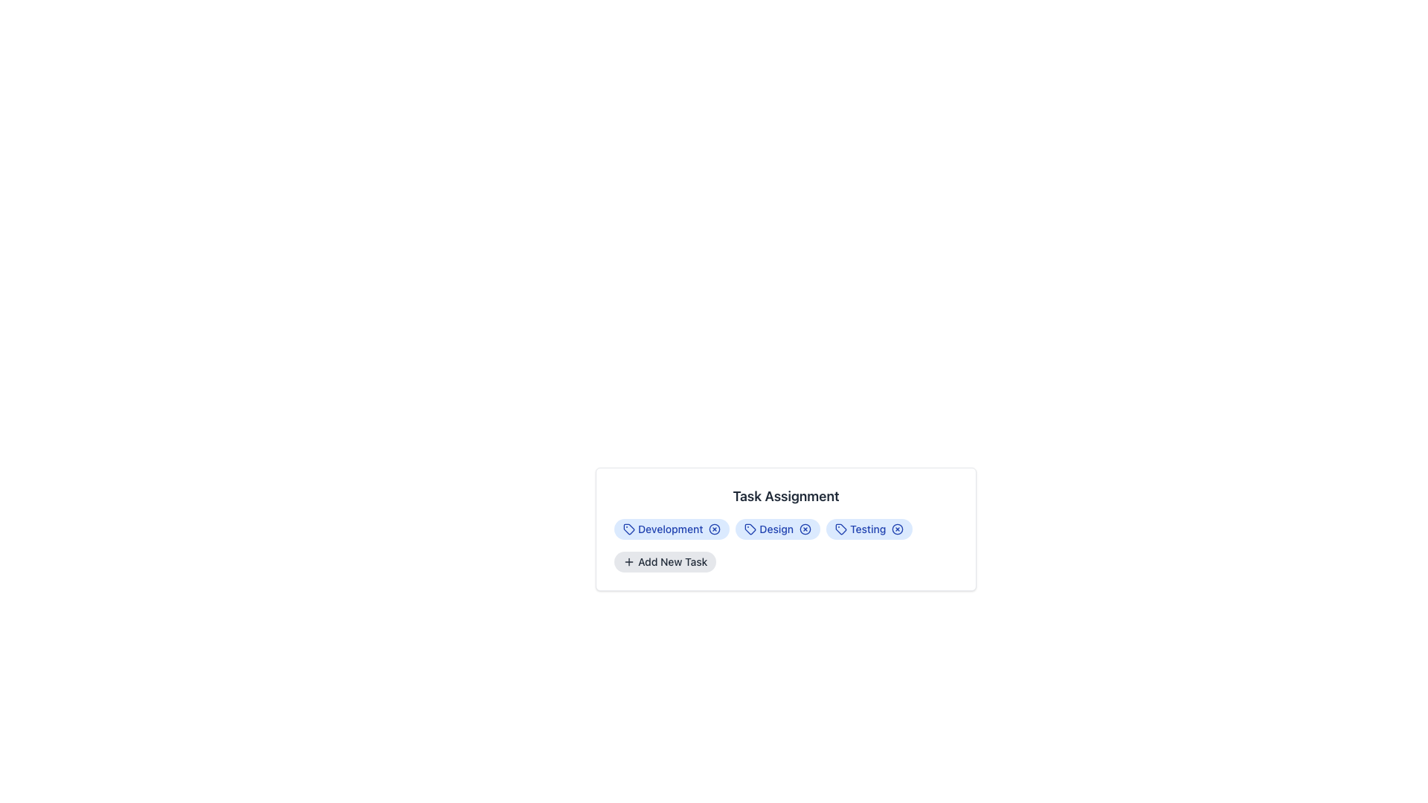  Describe the element at coordinates (715, 529) in the screenshot. I see `the close or remove icon button located immediately to the right of the 'Development' label in the 'Task Assignment' section` at that location.